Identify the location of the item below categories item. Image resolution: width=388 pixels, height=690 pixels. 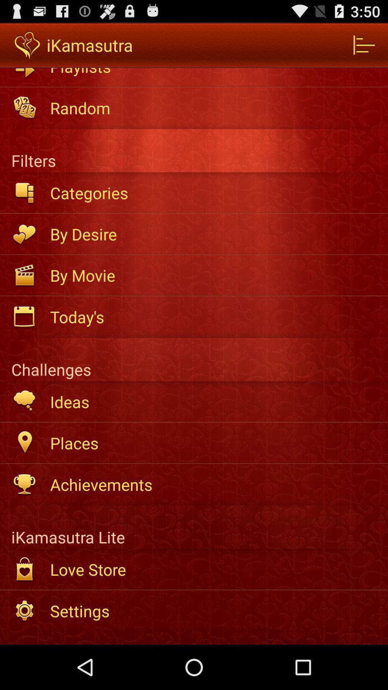
(214, 234).